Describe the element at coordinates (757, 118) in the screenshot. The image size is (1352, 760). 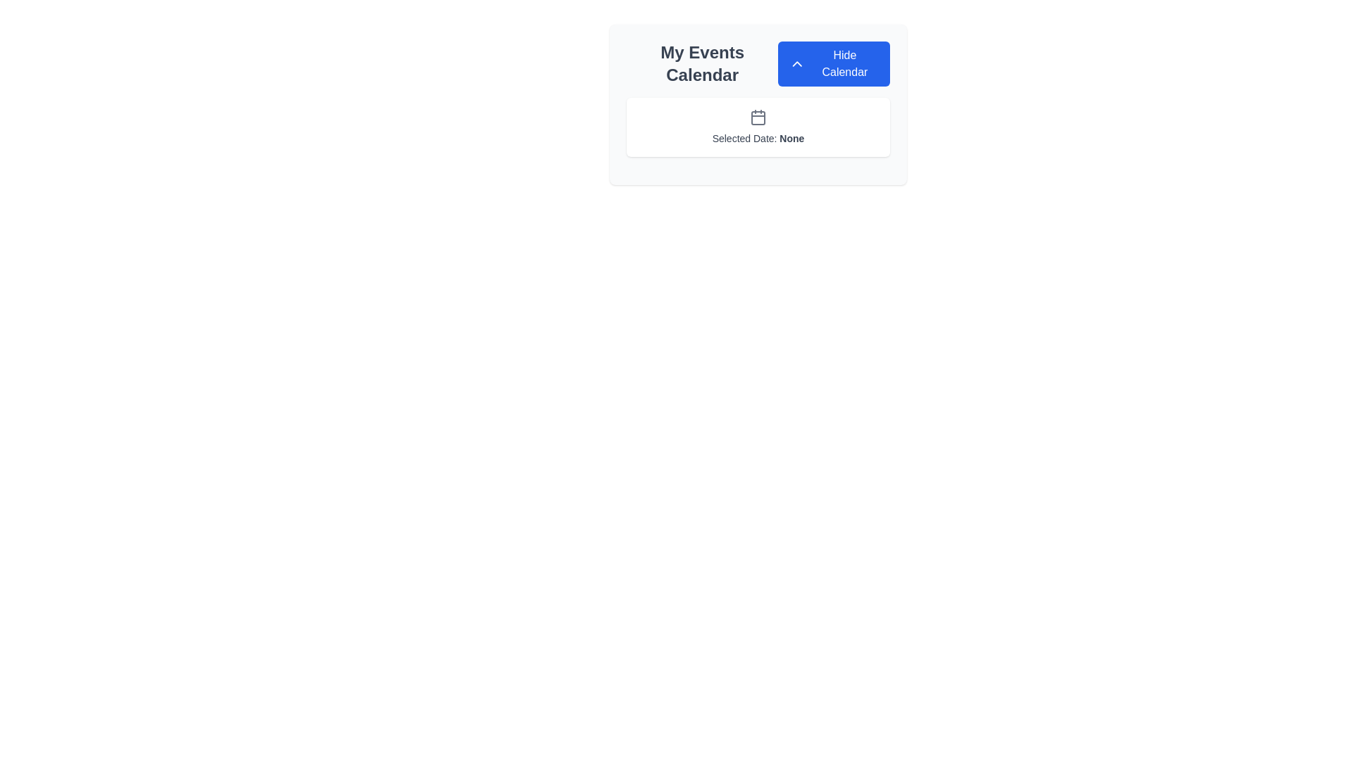
I see `the small rectangular calendar icon with a gray outline located below the 'My Events Calendar' heading` at that location.